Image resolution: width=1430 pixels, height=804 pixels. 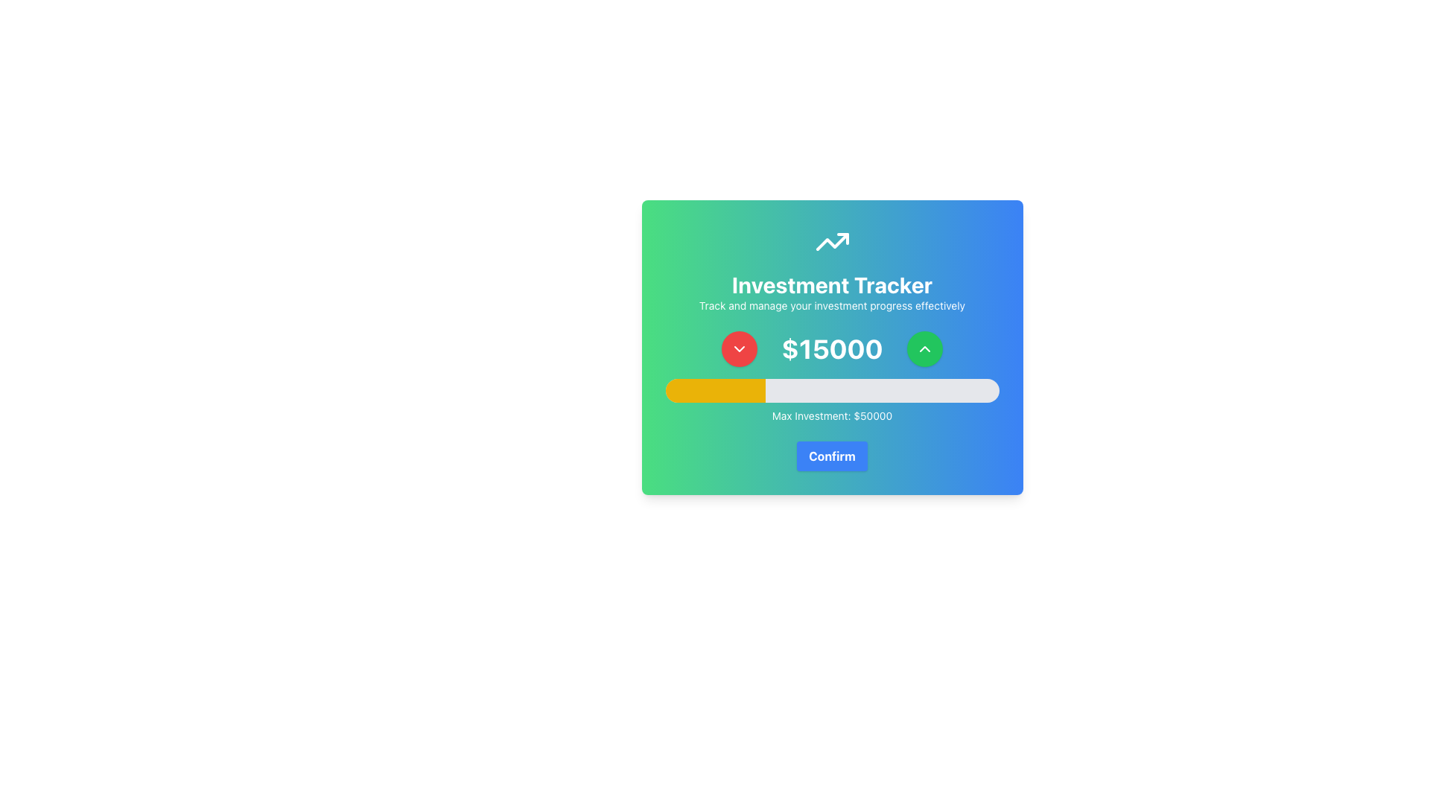 I want to click on progress, so click(x=951, y=389).